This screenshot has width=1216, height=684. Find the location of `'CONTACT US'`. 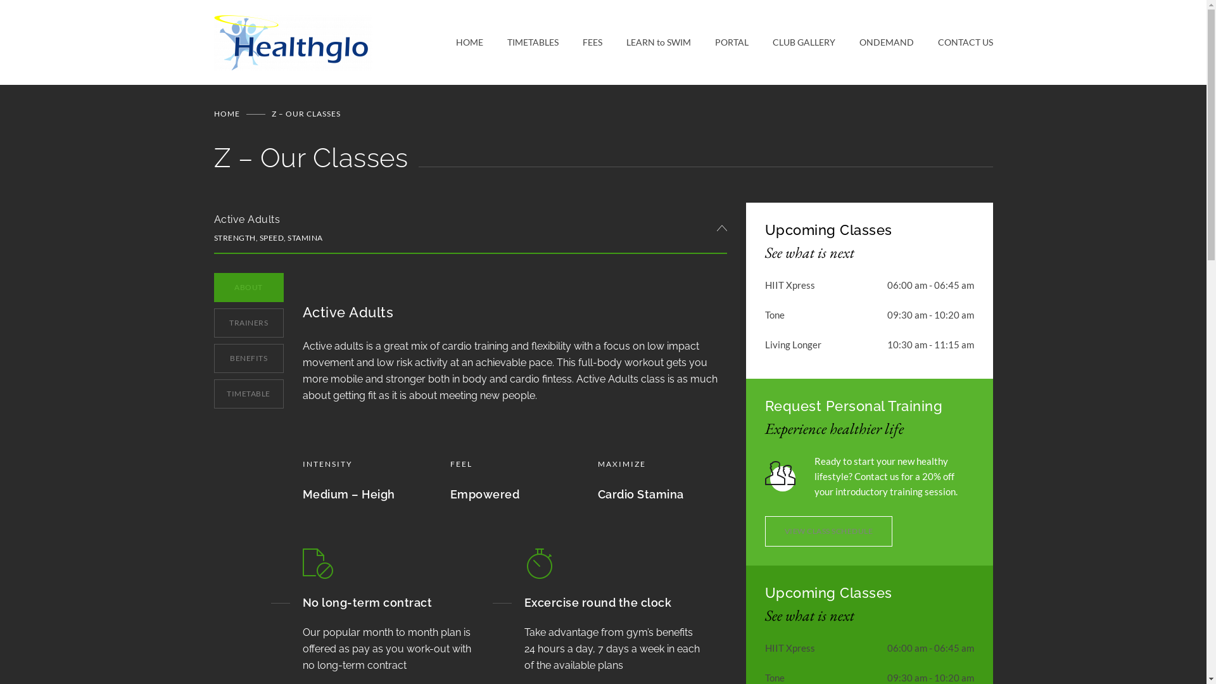

'CONTACT US' is located at coordinates (953, 41).